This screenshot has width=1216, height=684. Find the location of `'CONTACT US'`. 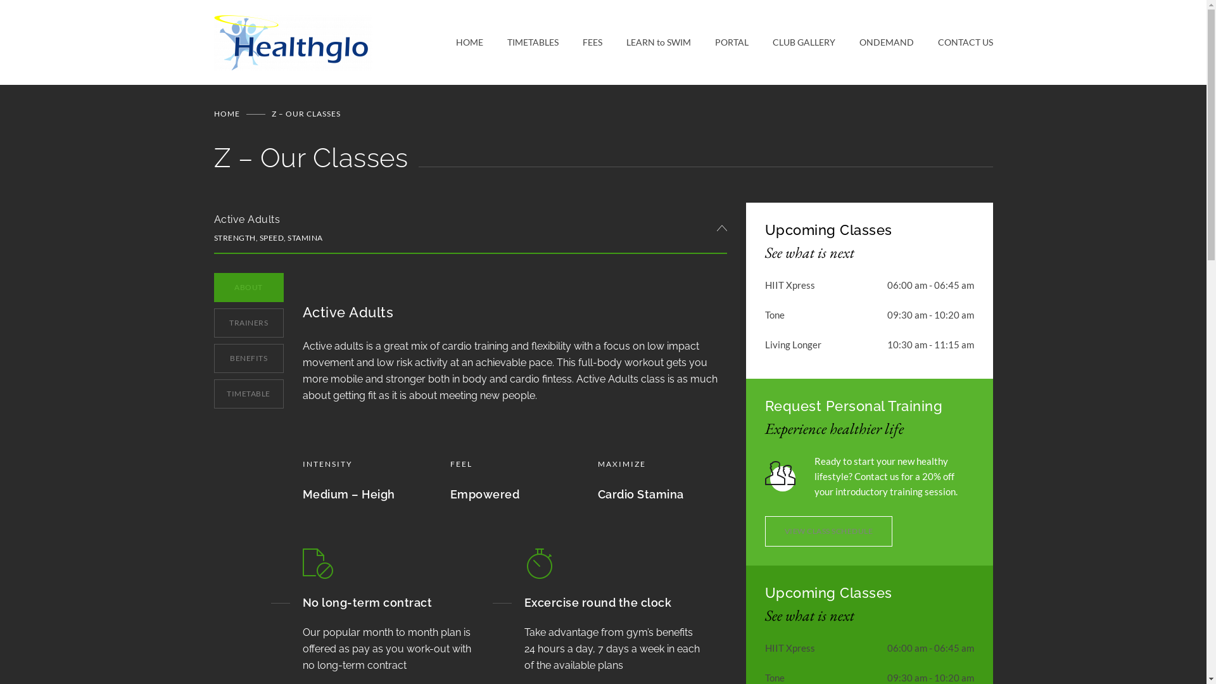

'CONTACT US' is located at coordinates (953, 41).